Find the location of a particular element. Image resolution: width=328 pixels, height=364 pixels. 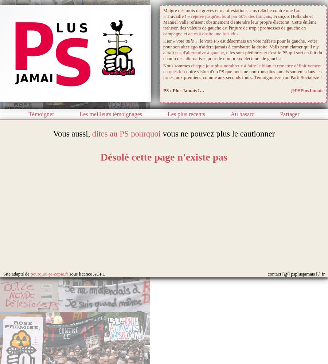

'Témoigner' is located at coordinates (41, 114).